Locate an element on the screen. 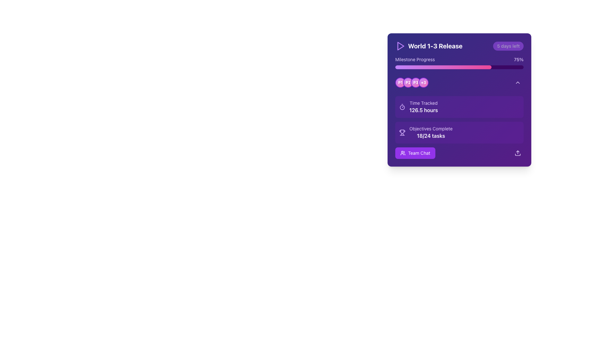 The height and width of the screenshot is (346, 616). the 'Time Tracked' label which is styled in a small font size with a purple hue, located above the numeric value '126.5 hours' is located at coordinates (424, 103).